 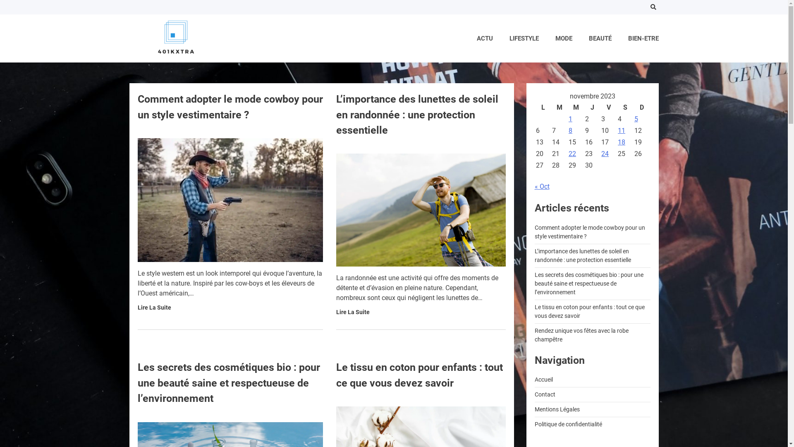 What do you see at coordinates (621, 130) in the screenshot?
I see `'11'` at bounding box center [621, 130].